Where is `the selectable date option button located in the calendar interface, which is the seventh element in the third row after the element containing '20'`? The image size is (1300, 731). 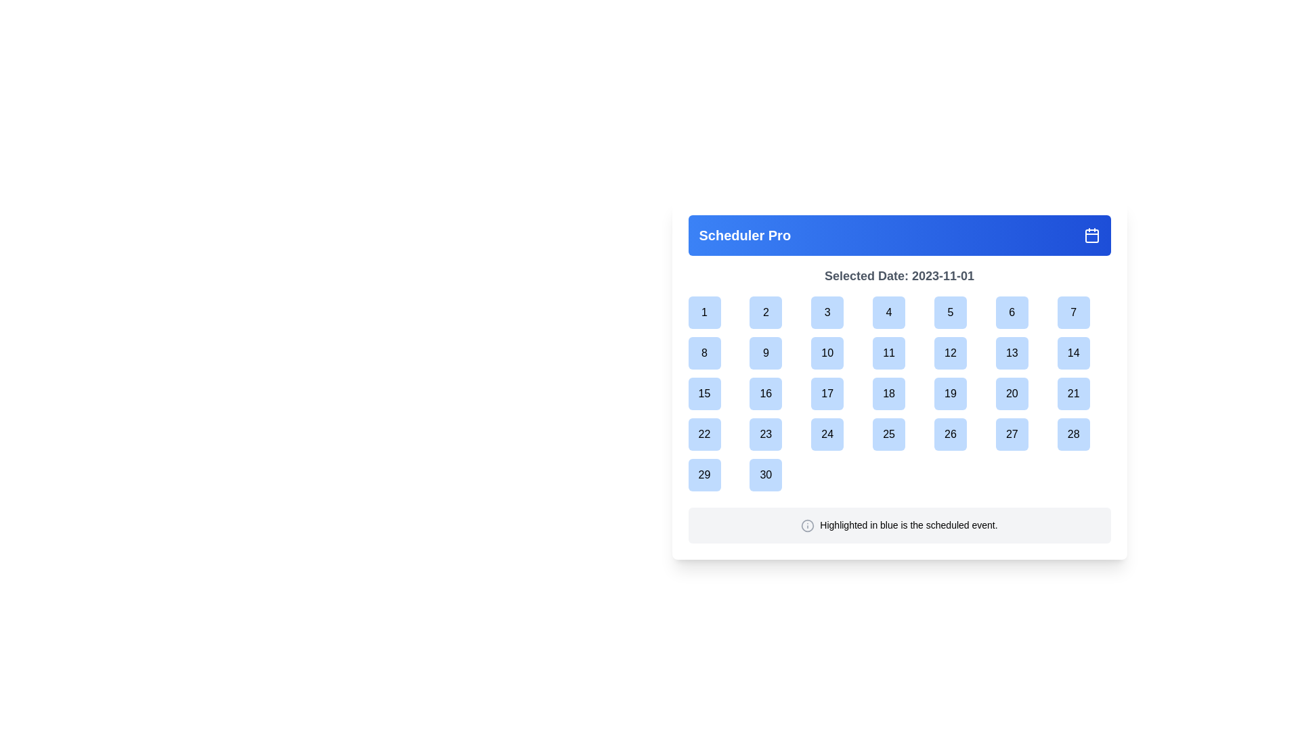
the selectable date option button located in the calendar interface, which is the seventh element in the third row after the element containing '20' is located at coordinates (1072, 394).